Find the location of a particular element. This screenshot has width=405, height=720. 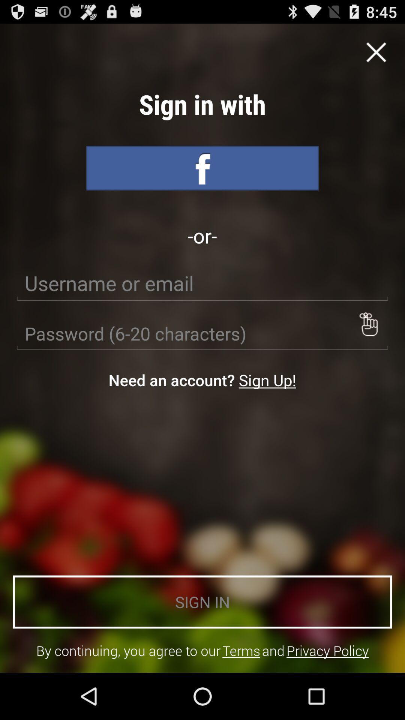

password is located at coordinates (202, 333).